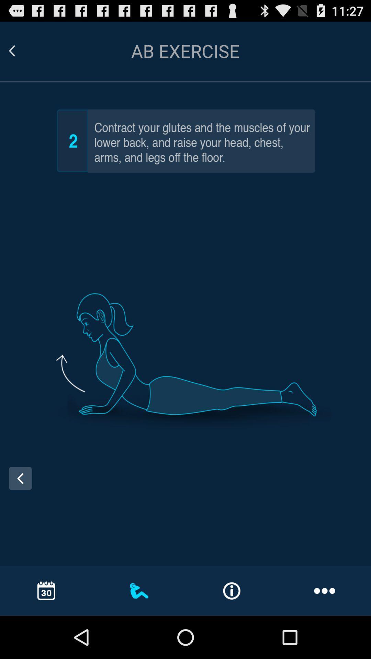 The height and width of the screenshot is (659, 371). I want to click on the arrow_backward icon, so click(20, 54).